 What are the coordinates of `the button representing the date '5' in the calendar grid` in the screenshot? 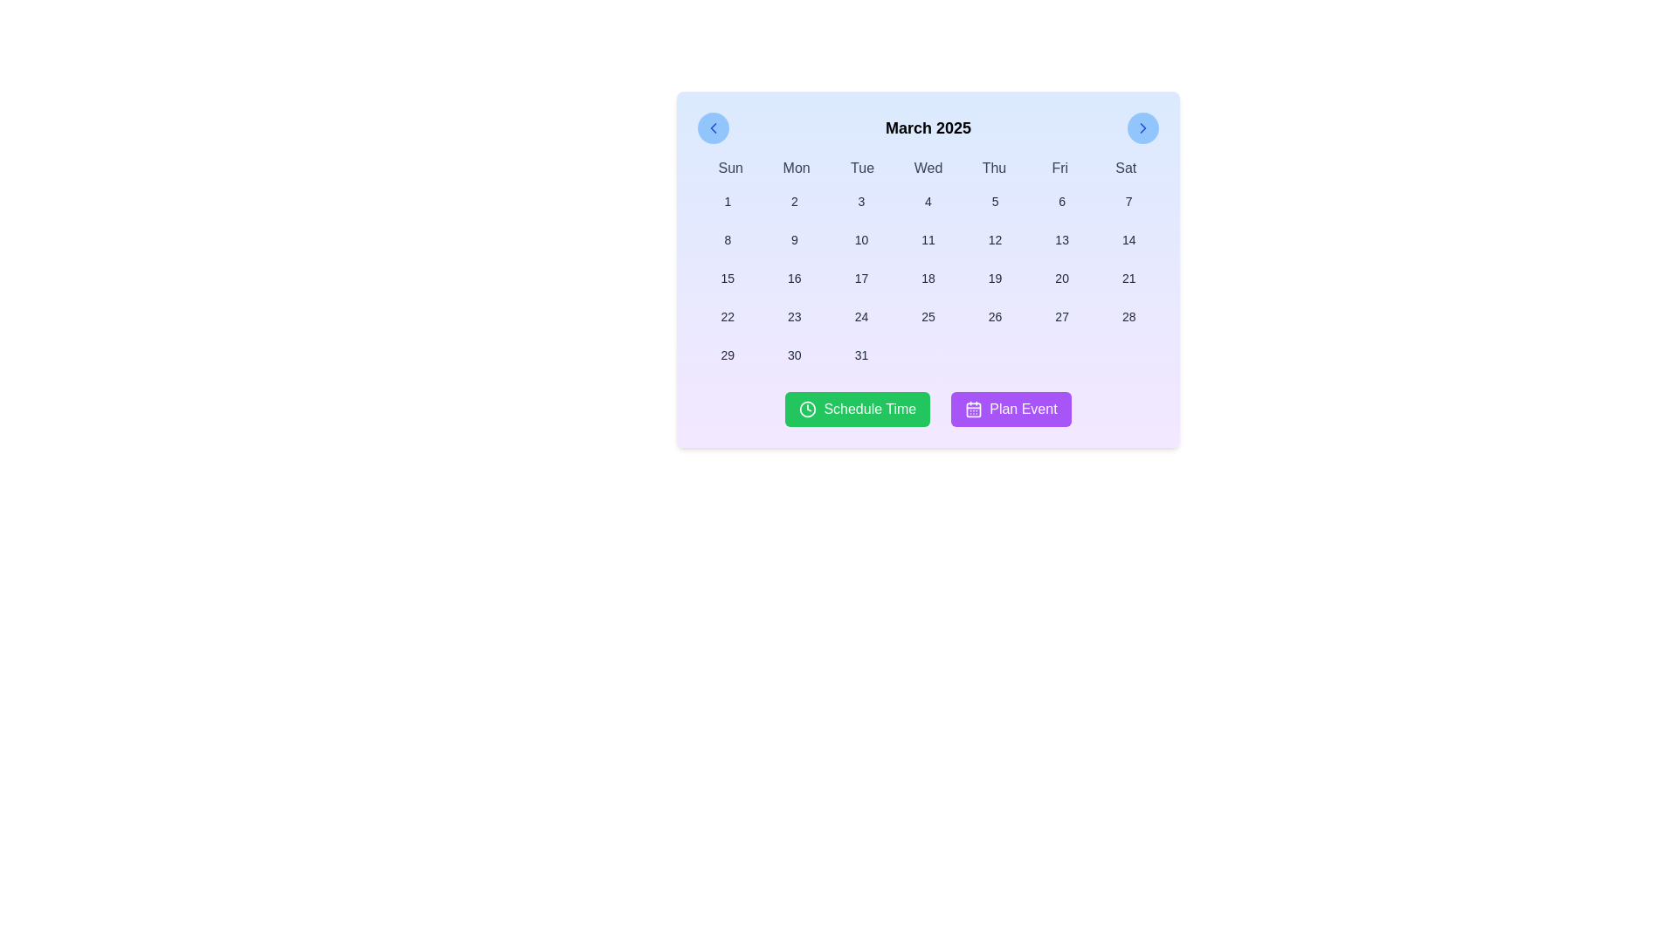 It's located at (995, 201).